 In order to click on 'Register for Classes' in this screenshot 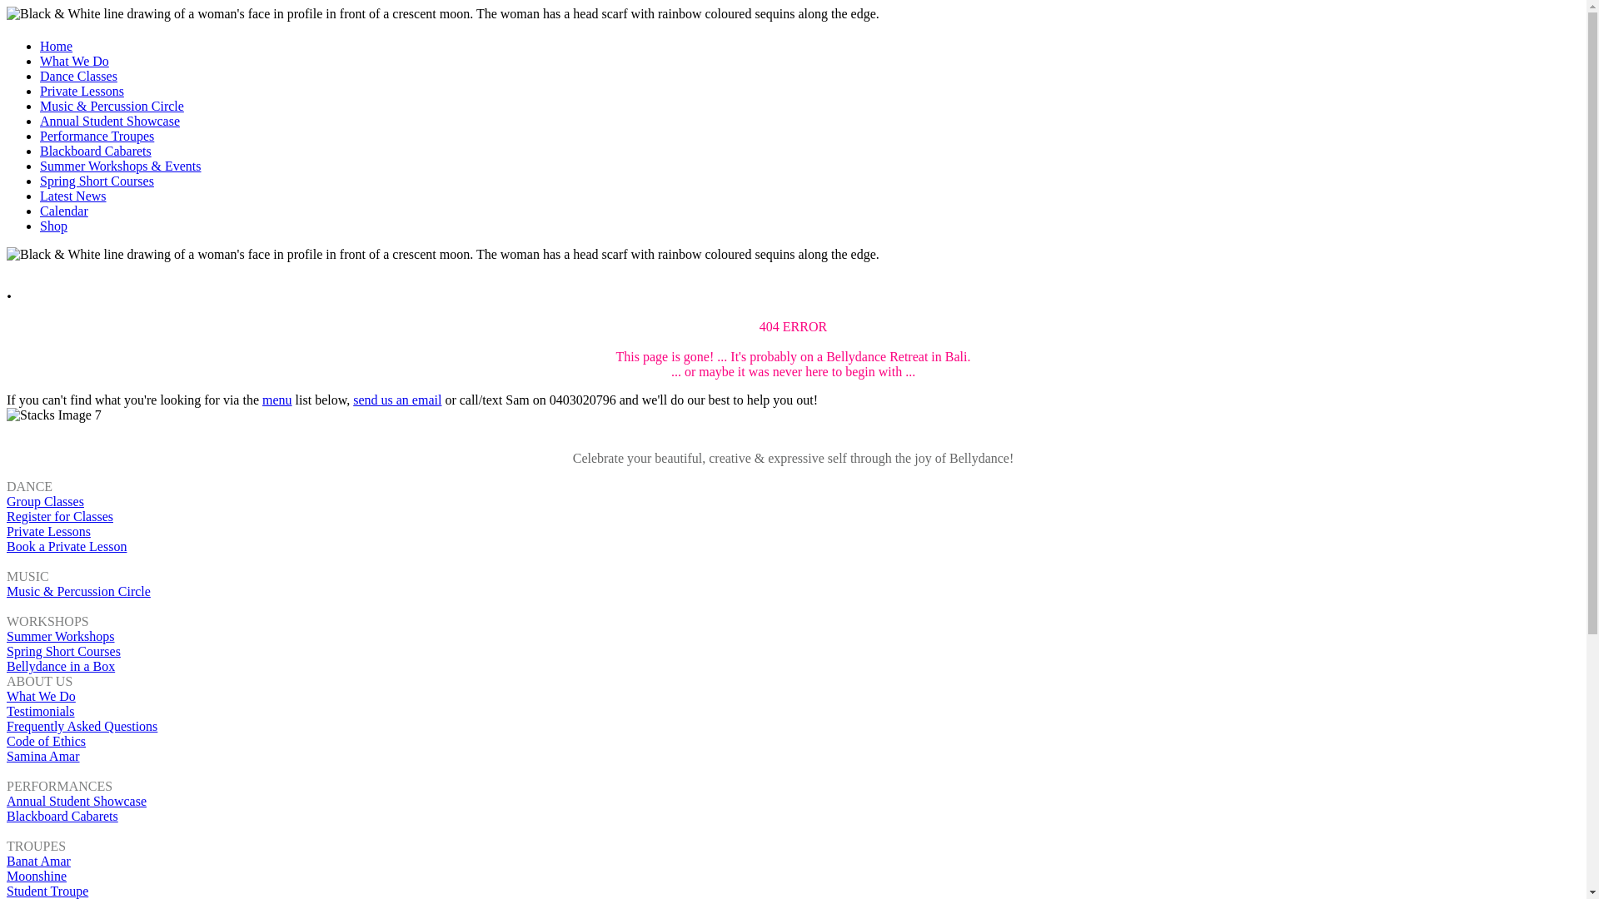, I will do `click(60, 515)`.